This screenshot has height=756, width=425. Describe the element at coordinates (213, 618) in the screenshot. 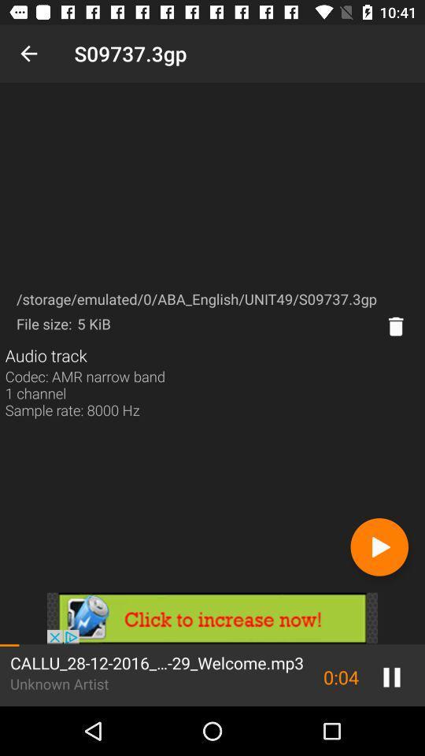

I see `advertisement` at that location.